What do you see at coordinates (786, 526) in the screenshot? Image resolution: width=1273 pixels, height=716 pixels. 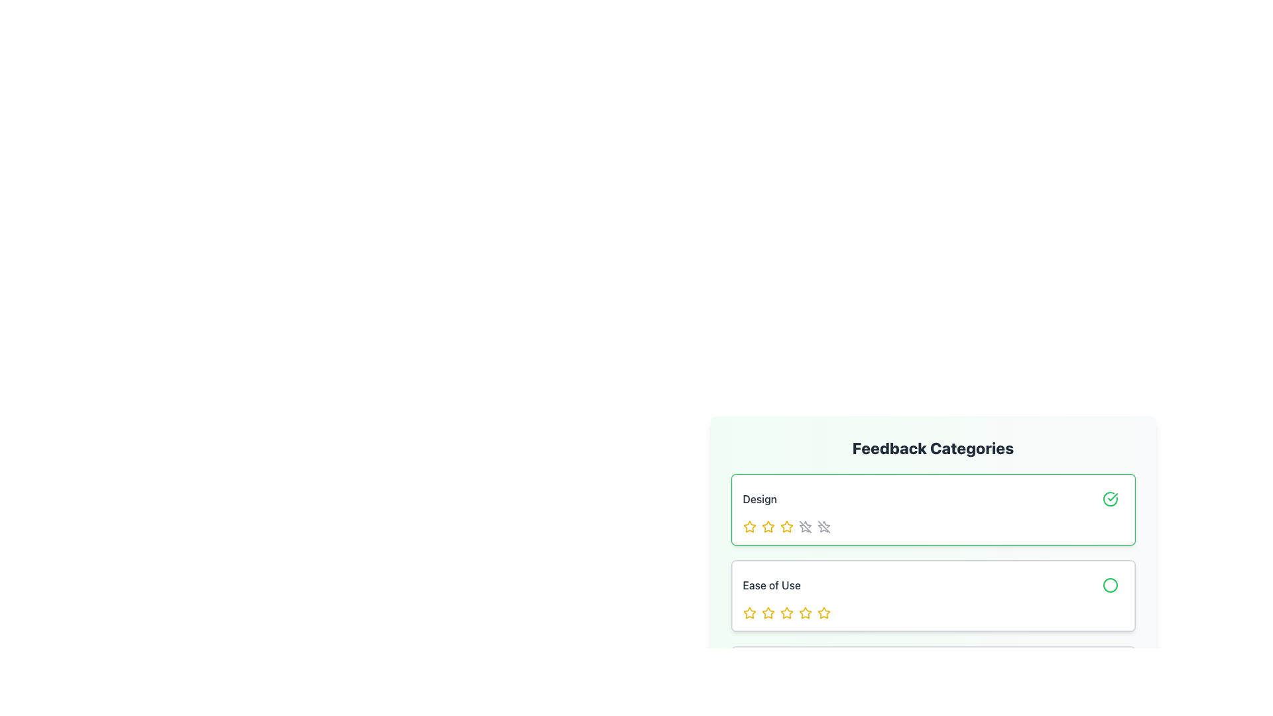 I see `the interactive yellow star icon with a hollow center, which is the third star in the rating system, within the 'Design' rating row` at bounding box center [786, 526].